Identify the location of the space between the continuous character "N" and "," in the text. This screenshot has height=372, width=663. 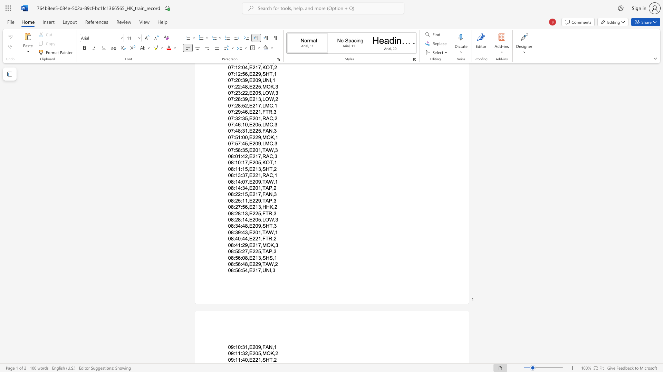
(271, 347).